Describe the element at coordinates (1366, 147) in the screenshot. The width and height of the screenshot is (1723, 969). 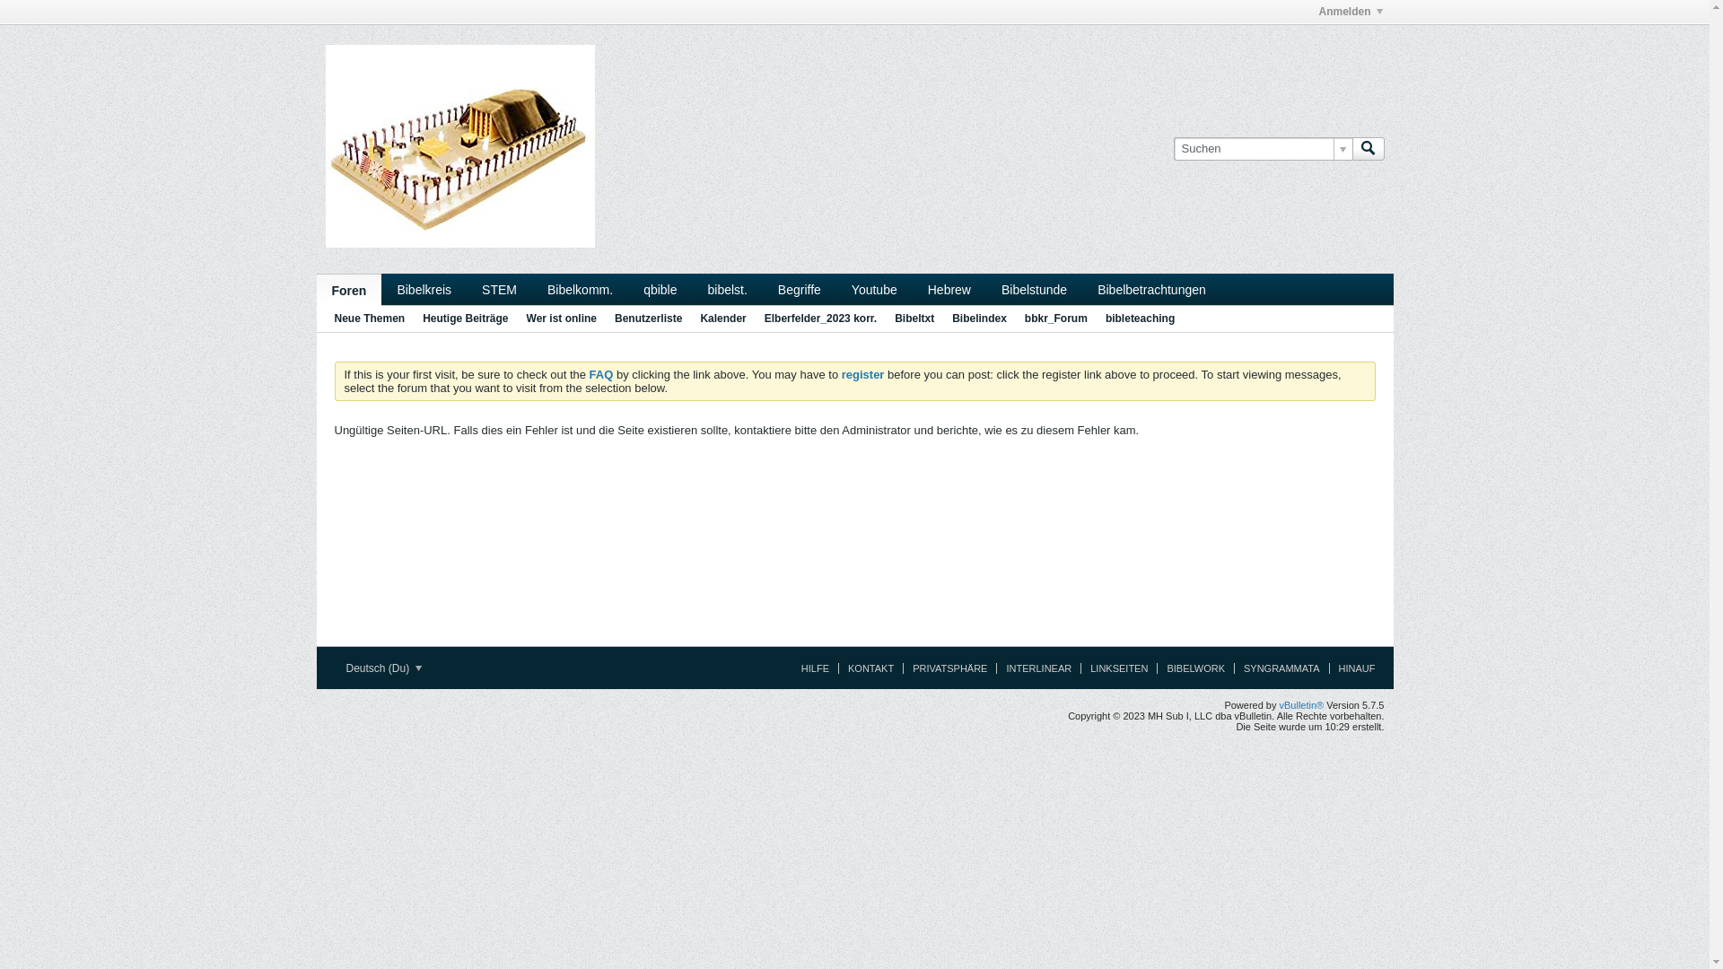
I see `'Suchen'` at that location.